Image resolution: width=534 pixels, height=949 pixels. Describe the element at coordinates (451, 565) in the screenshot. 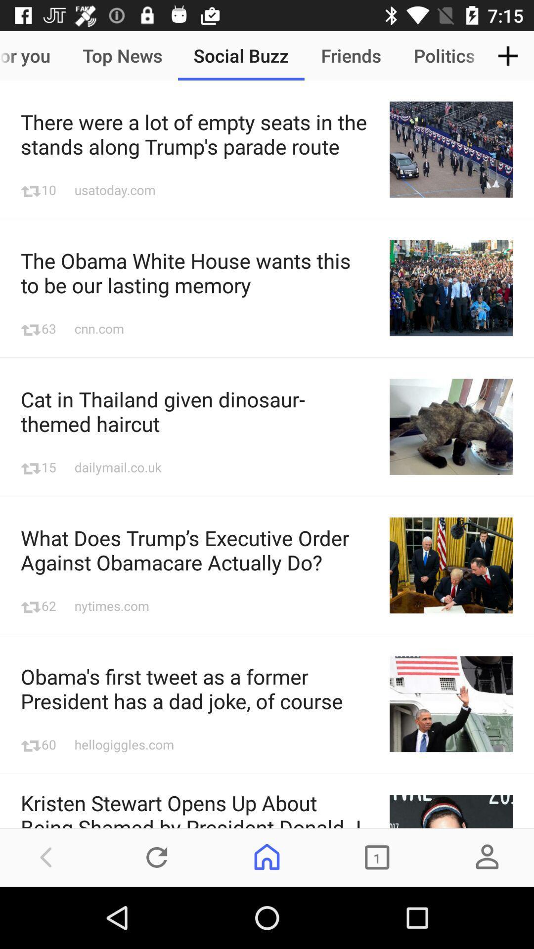

I see `the fourth image on the right side` at that location.